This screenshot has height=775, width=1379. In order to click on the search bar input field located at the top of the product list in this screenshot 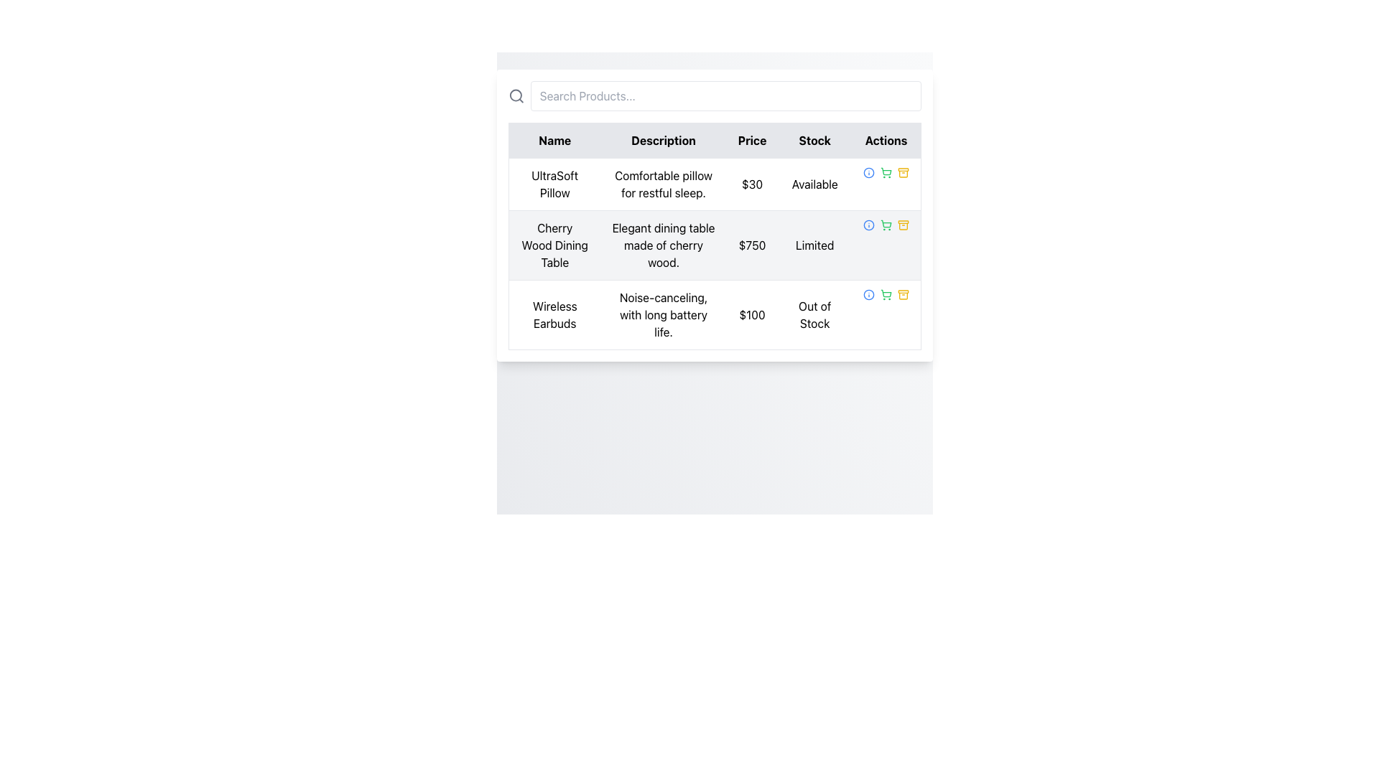, I will do `click(715, 96)`.